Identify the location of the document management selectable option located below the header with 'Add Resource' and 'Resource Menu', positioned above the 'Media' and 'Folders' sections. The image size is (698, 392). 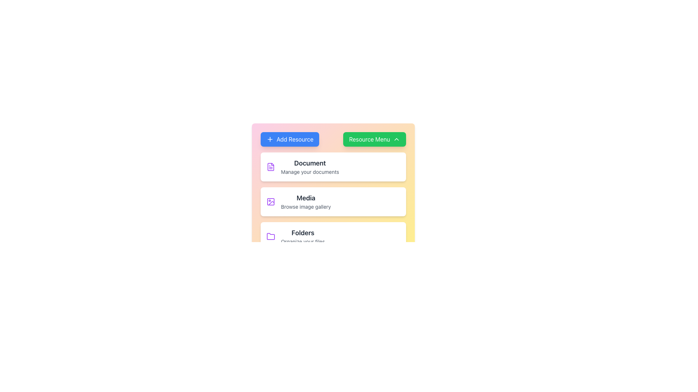
(333, 171).